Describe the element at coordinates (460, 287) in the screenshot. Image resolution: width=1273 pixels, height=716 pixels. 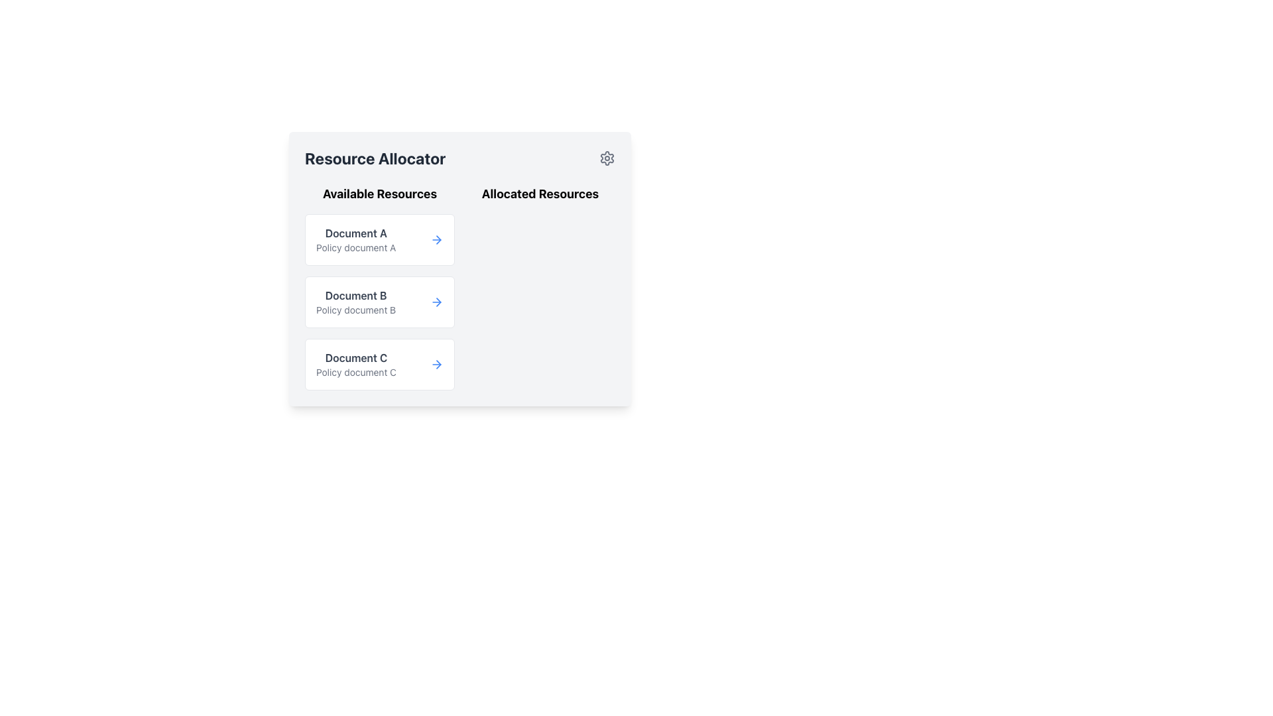
I see `a resource from the 'Available Resources' column in the Content Section` at that location.